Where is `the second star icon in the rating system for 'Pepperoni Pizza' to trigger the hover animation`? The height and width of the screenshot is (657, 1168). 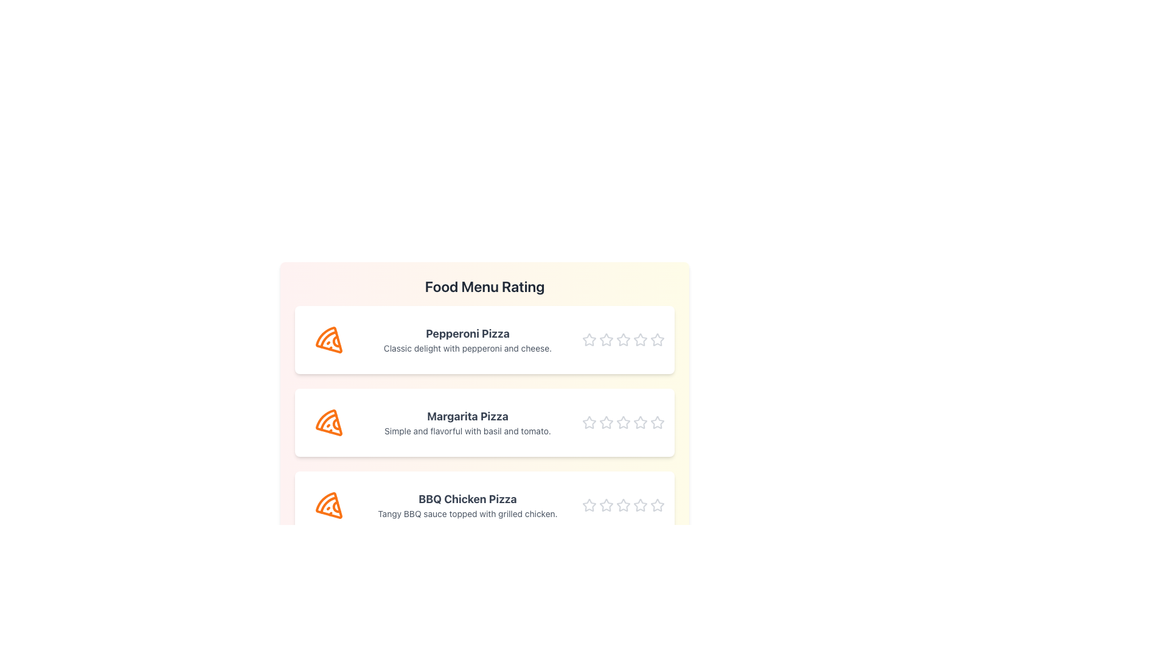 the second star icon in the rating system for 'Pepperoni Pizza' to trigger the hover animation is located at coordinates (607, 340).